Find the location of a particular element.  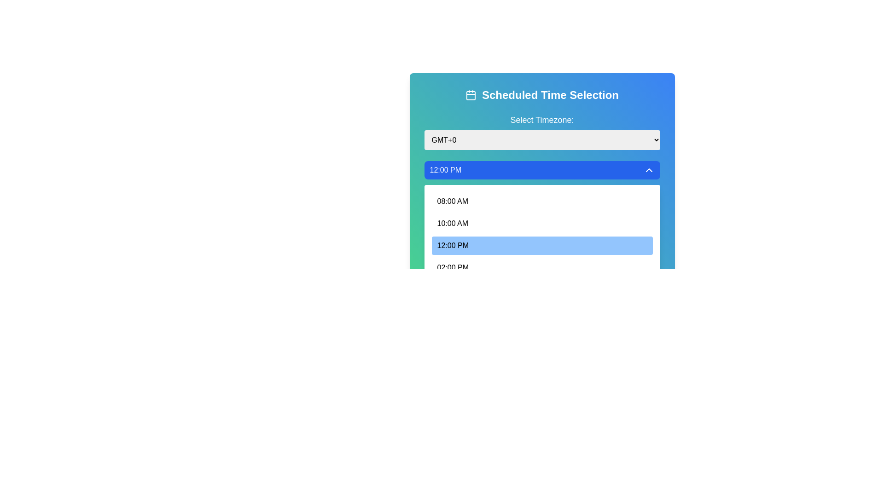

the third option in the vertical list of selectable time options is located at coordinates (542, 245).